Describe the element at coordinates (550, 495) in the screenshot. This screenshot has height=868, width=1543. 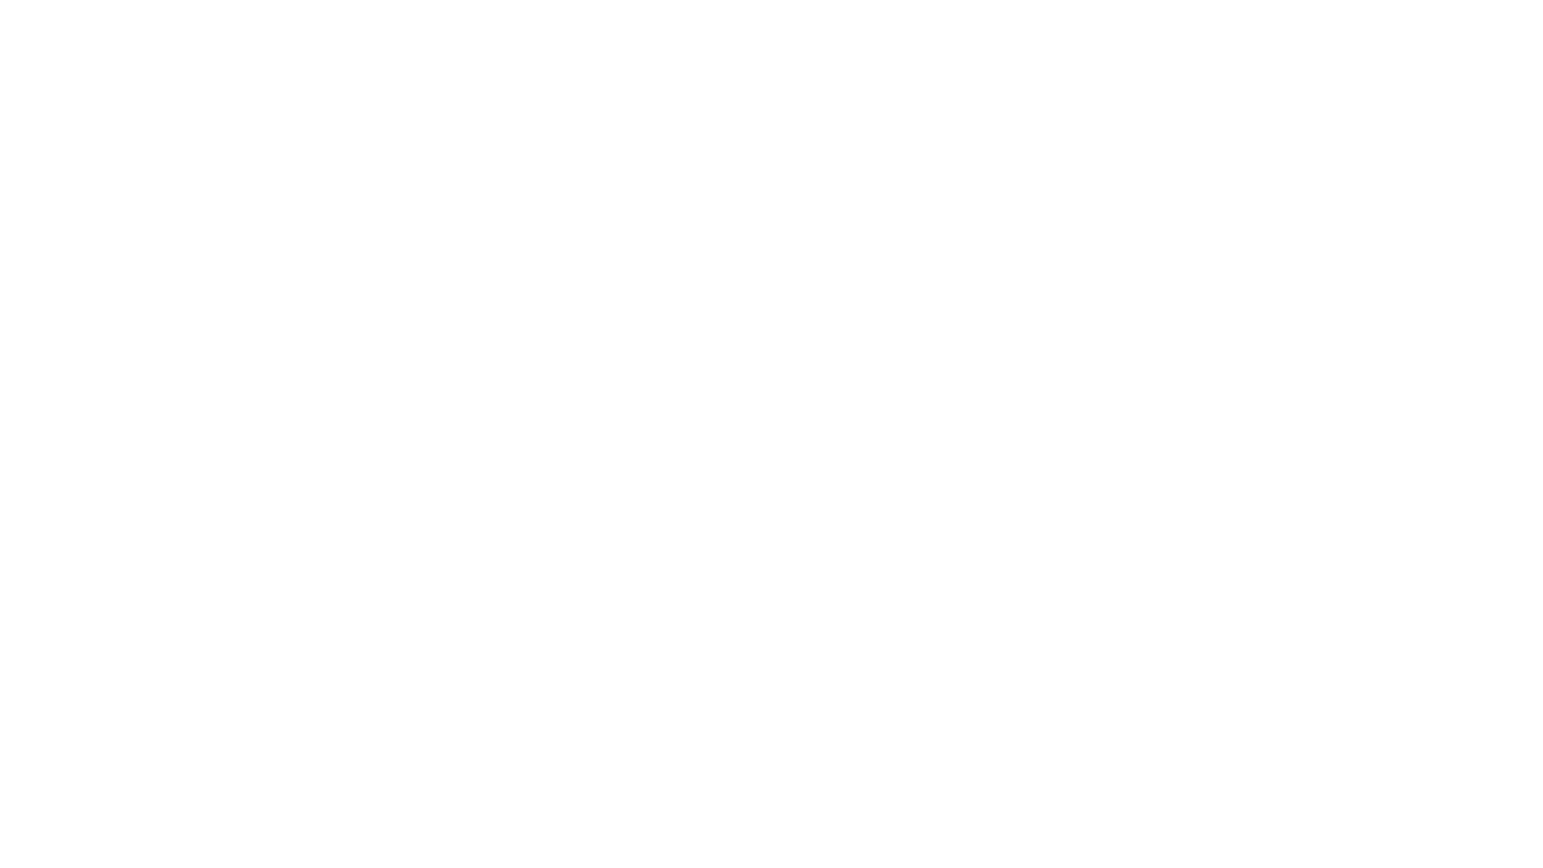
I see `Identita obcana Identita obcana Vyuzijte bankovni identitu, Mobilni klic, NIA ID a jine` at that location.